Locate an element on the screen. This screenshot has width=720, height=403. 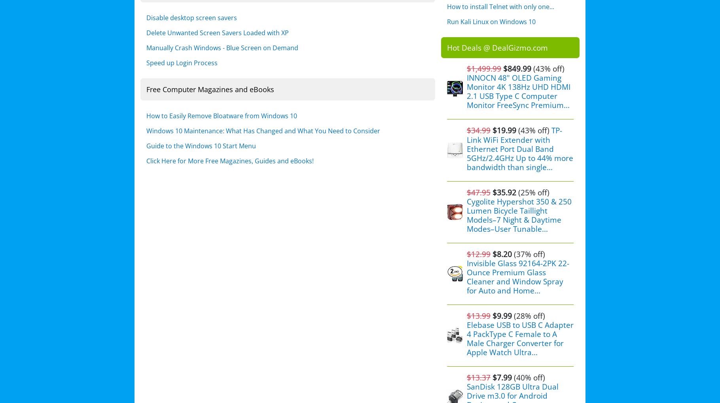
'TP-Link WiFi Extender with Ethernet Port Dual Band 5GHz/2.4GHz Up to 44% more bandwidth than single...' is located at coordinates (520, 148).